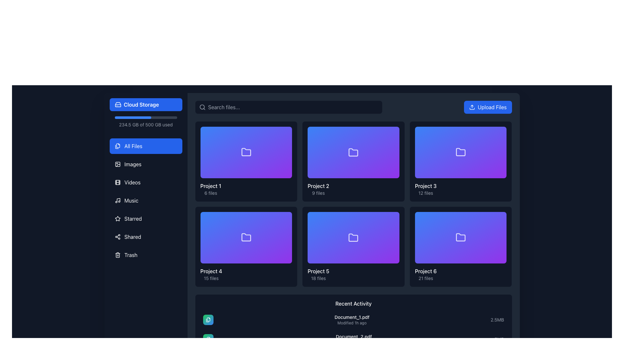 The image size is (623, 350). I want to click on the Textual Information Block that provides descriptive information about a specific project folder, located within the sixth card of the content grid, so click(353, 274).